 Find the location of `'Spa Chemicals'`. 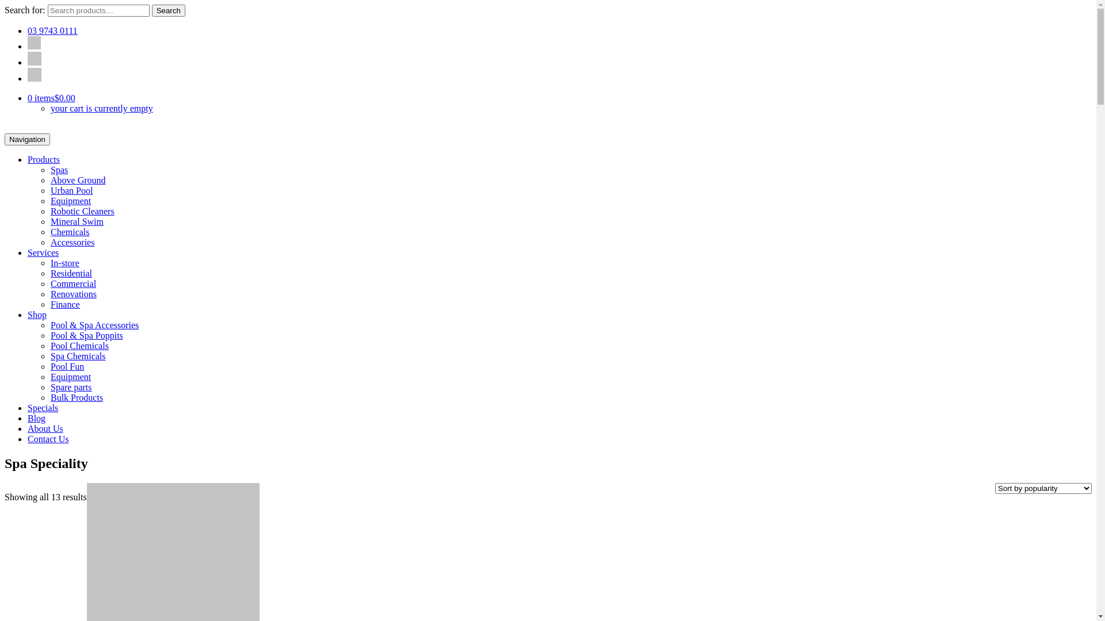

'Spa Chemicals' is located at coordinates (77, 355).